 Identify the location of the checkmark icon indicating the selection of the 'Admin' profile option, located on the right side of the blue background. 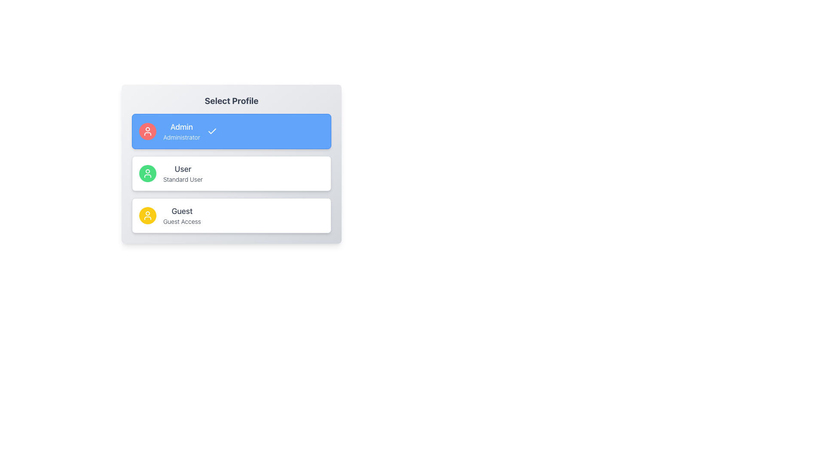
(212, 131).